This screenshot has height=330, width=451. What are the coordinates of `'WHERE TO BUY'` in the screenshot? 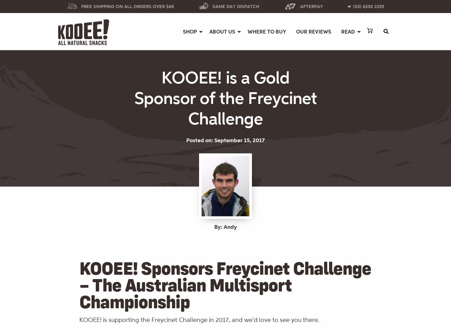 It's located at (266, 32).